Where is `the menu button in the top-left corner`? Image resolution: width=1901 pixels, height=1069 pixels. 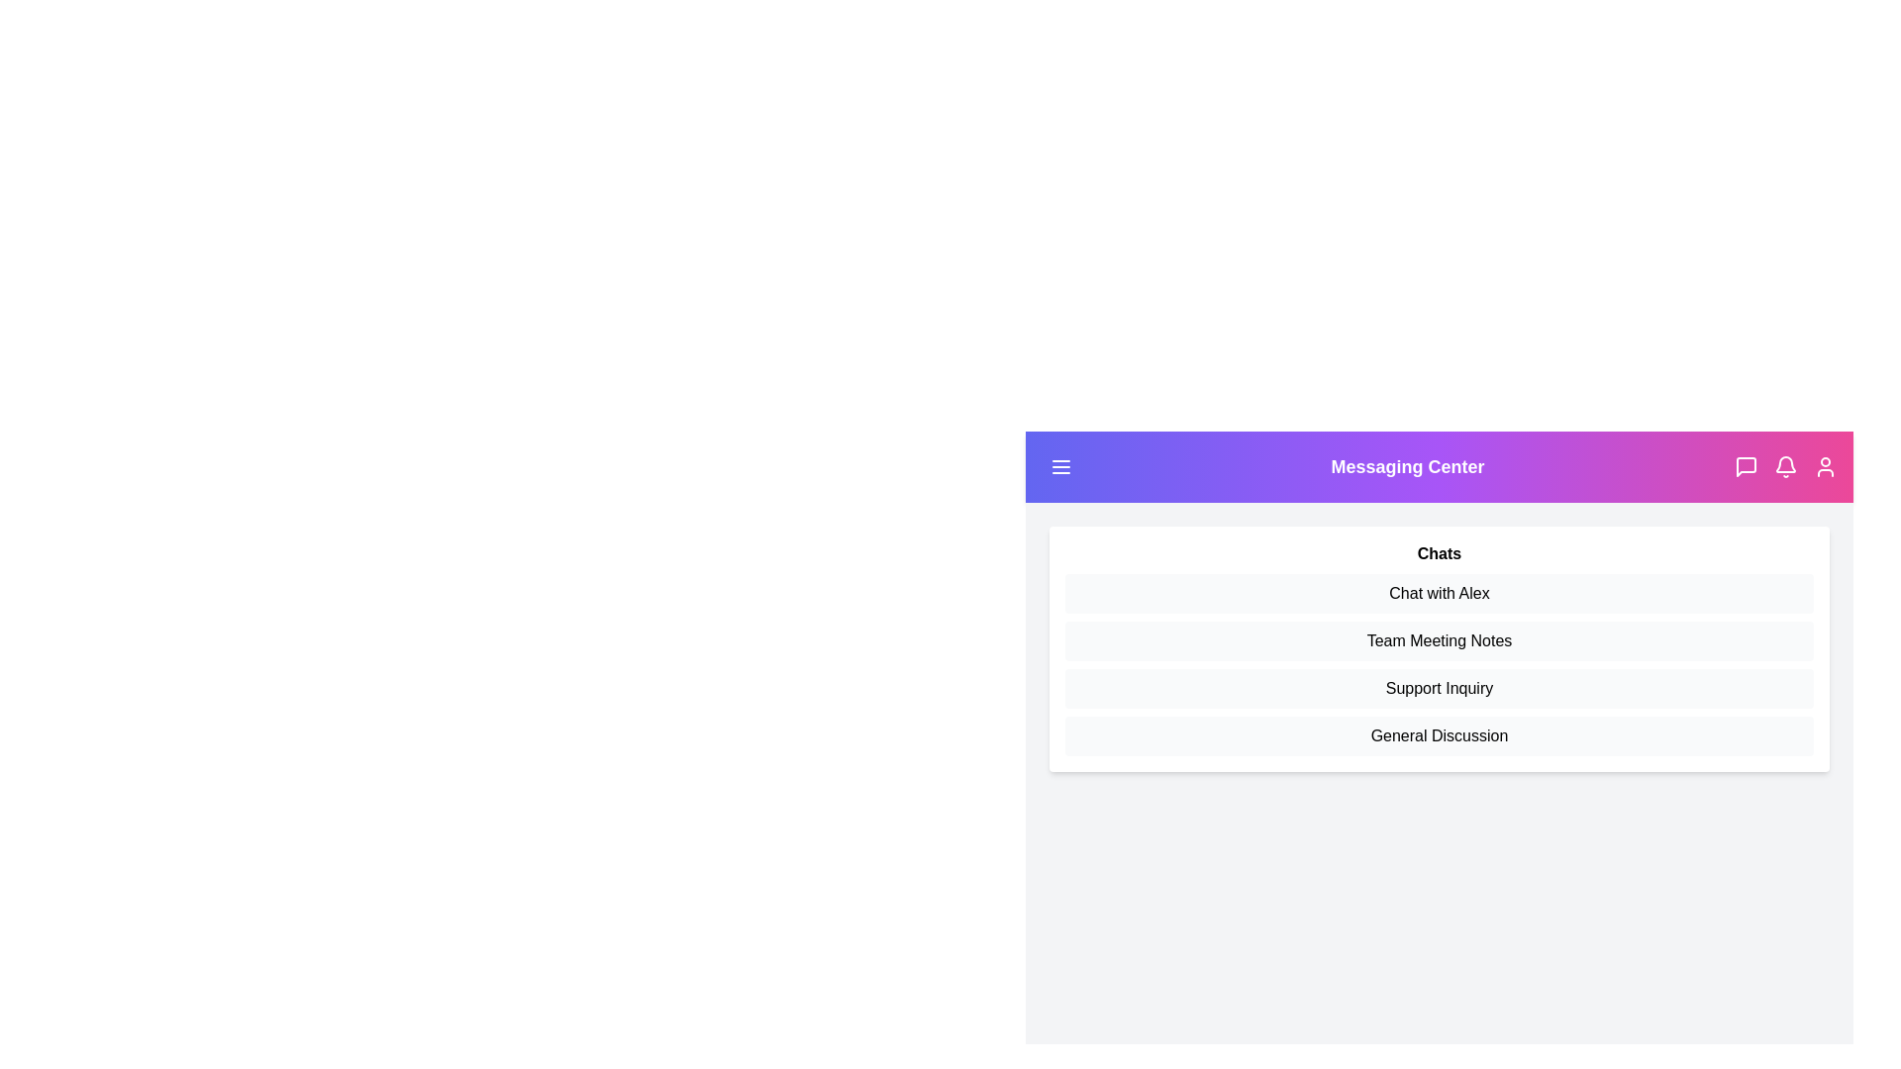
the menu button in the top-left corner is located at coordinates (1059, 466).